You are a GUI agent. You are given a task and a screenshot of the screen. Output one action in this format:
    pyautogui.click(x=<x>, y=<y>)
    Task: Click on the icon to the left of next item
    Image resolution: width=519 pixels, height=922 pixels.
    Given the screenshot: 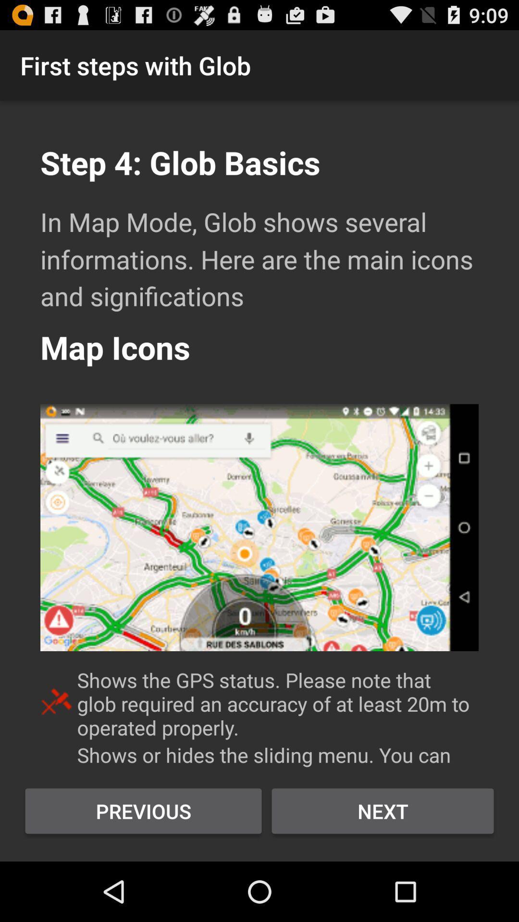 What is the action you would take?
    pyautogui.click(x=143, y=811)
    